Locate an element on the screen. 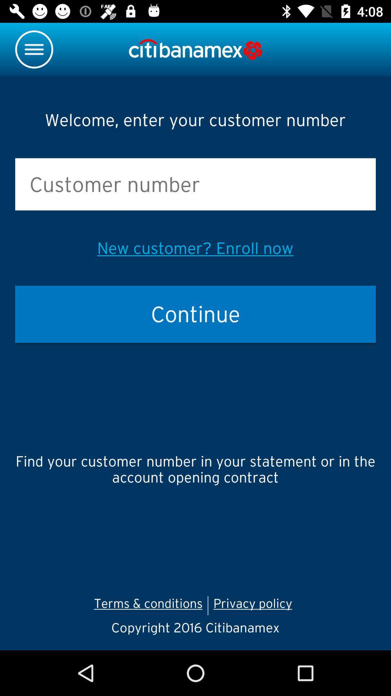 This screenshot has height=696, width=391. input customer id is located at coordinates (195, 184).